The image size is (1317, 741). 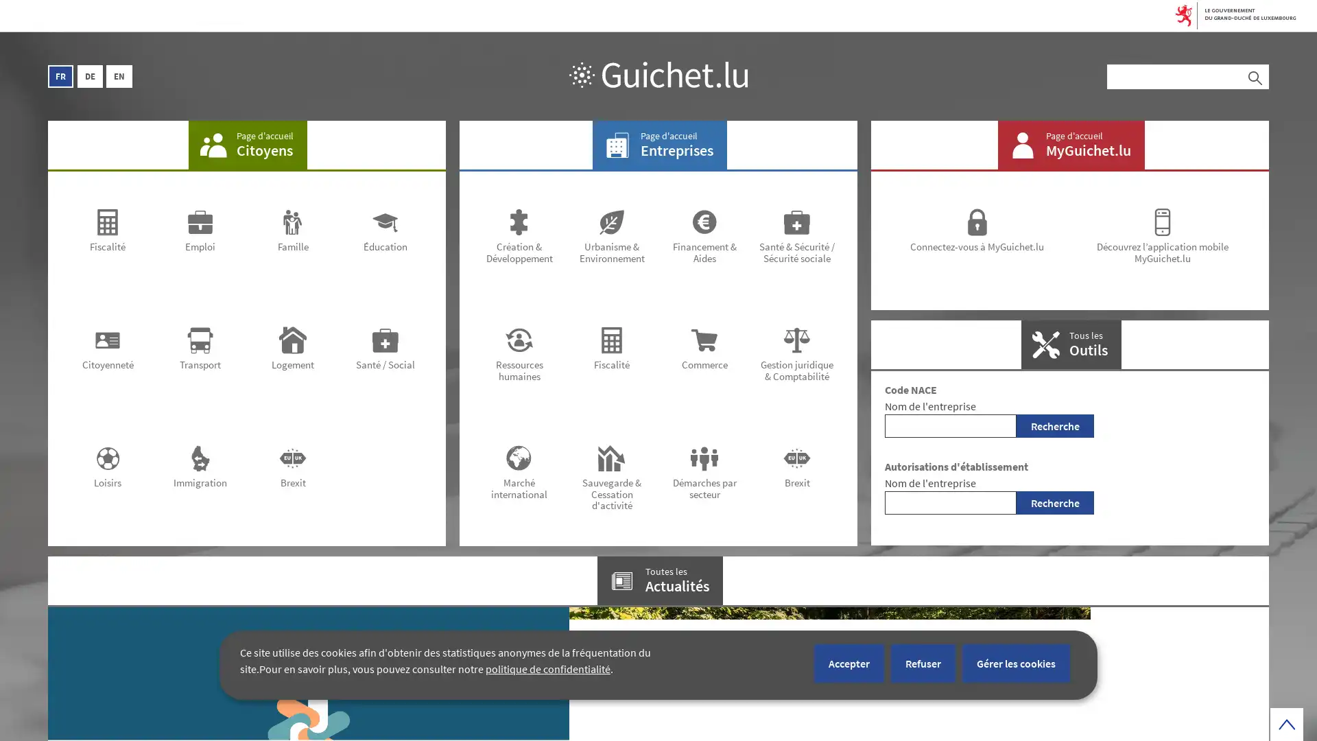 I want to click on Refuser, so click(x=923, y=663).